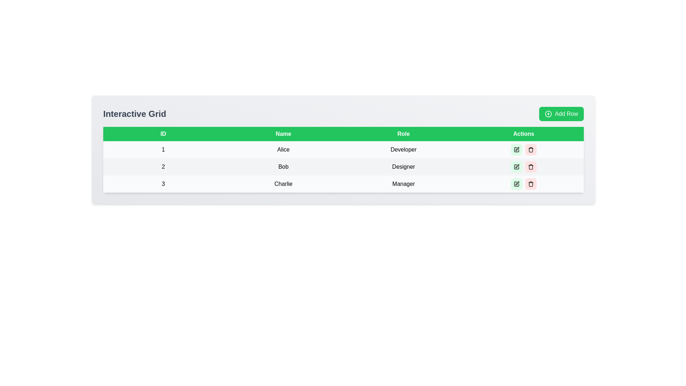 This screenshot has width=686, height=386. Describe the element at coordinates (531, 184) in the screenshot. I see `the trash icon SVG graphic located in the Actions column of the third row in the table` at that location.